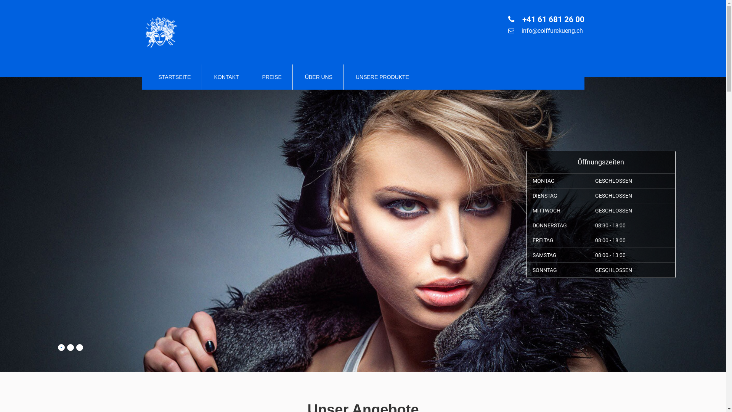 The height and width of the screenshot is (412, 732). I want to click on '3', so click(80, 347).